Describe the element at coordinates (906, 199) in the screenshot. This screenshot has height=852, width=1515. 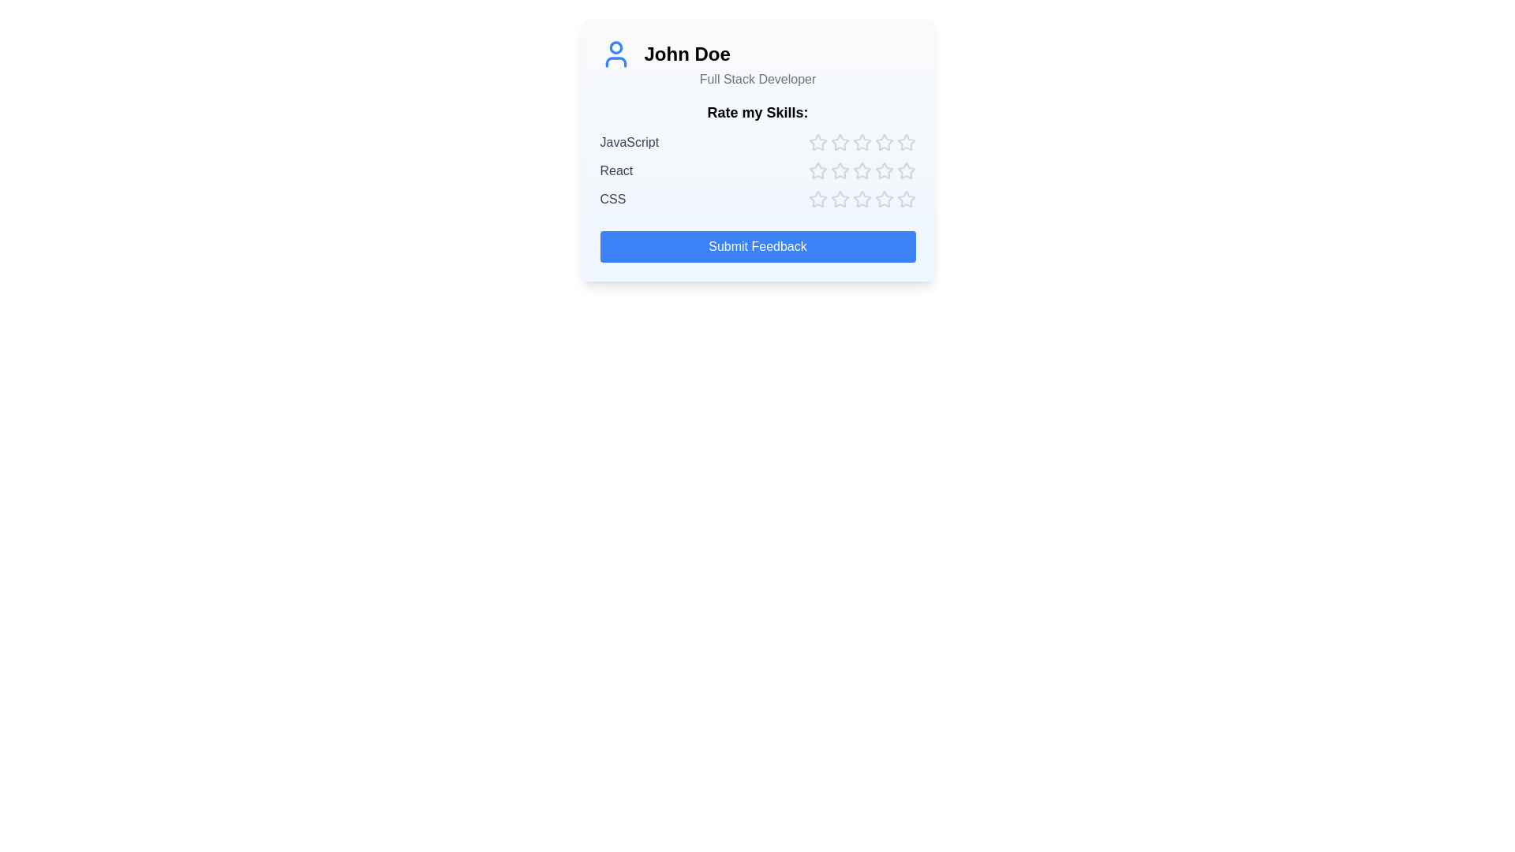
I see `the star corresponding to skill CSS and rating 5` at that location.